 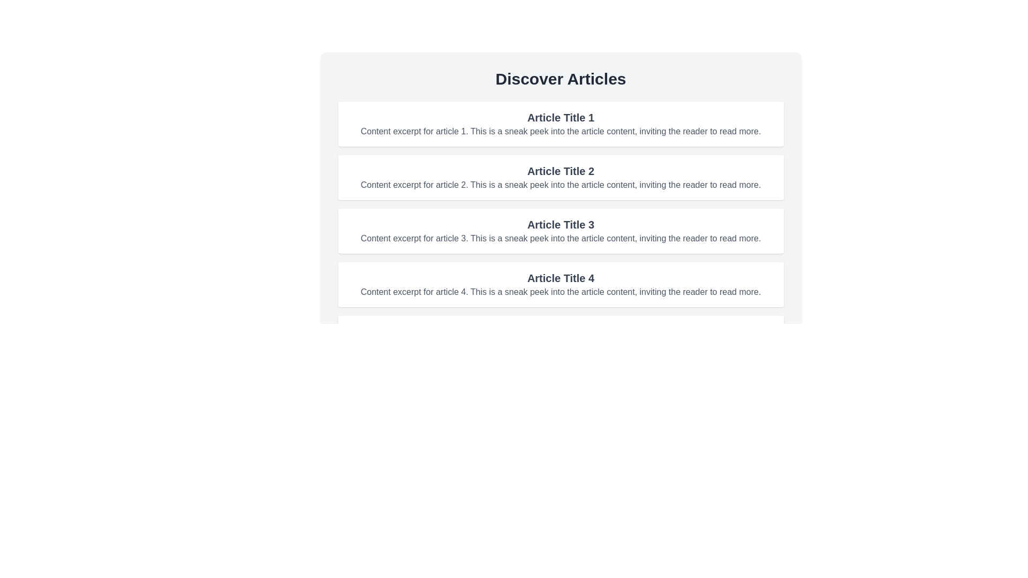 I want to click on textual summary located directly beneath the title 'Article Title 1' in the card layout, so click(x=560, y=131).